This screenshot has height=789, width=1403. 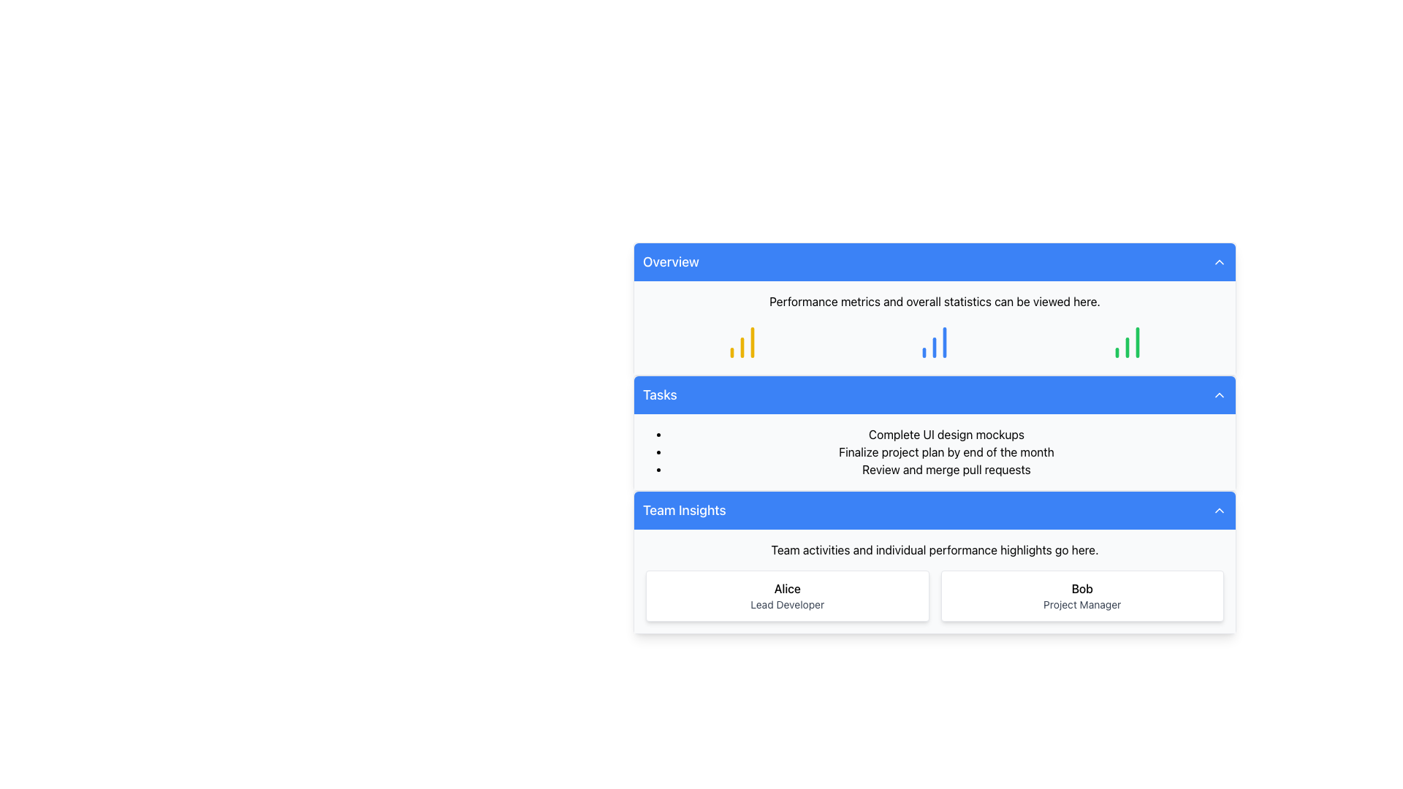 What do you see at coordinates (946, 451) in the screenshot?
I see `the text content element displaying 'Finalize project plan by end of the month' in the 'Tasks' section` at bounding box center [946, 451].